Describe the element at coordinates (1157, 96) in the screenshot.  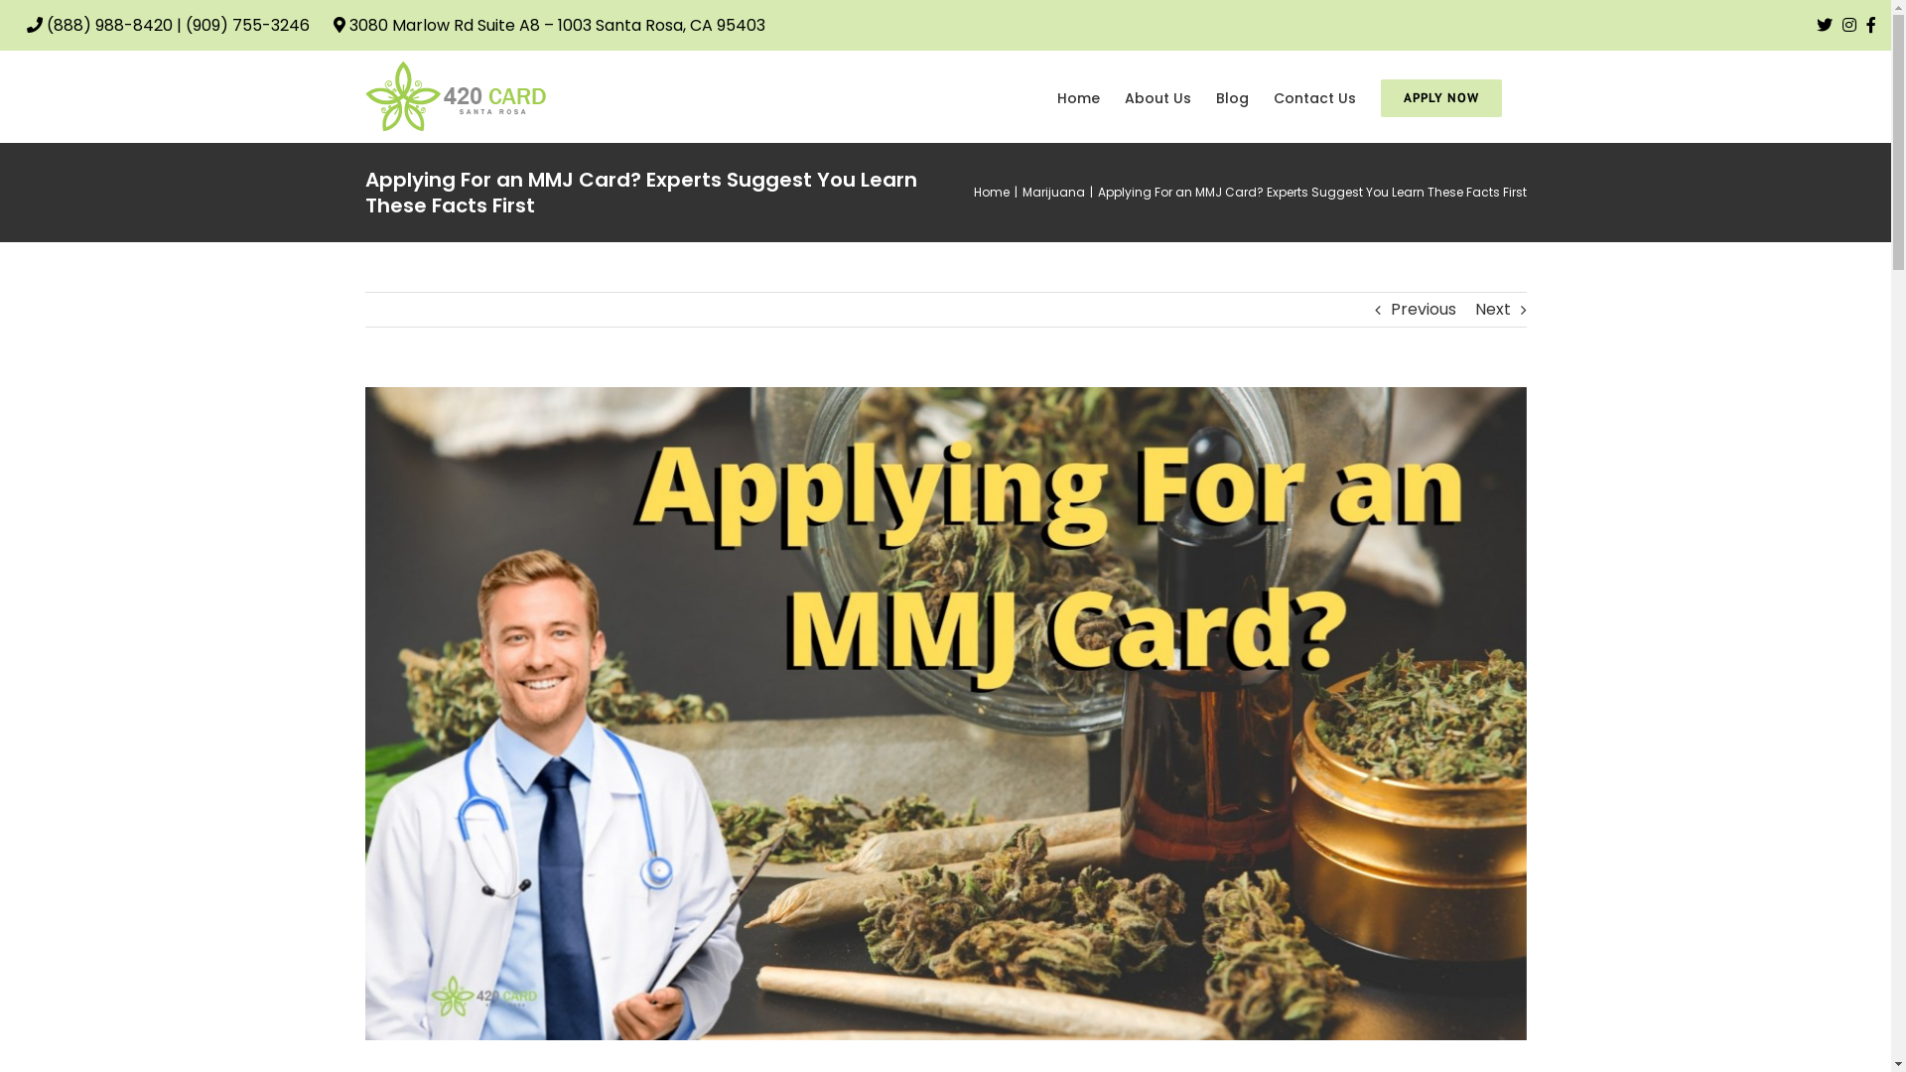
I see `'About Us'` at that location.